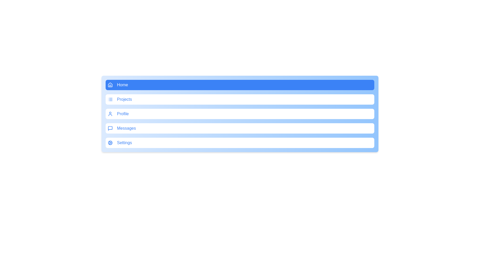 This screenshot has width=497, height=279. I want to click on the navigation item labeled Messages, so click(239, 128).